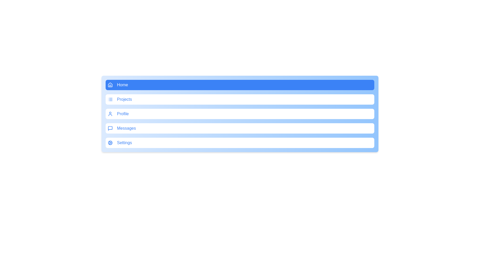 This screenshot has width=497, height=279. I want to click on the navigation item labeled Messages, so click(239, 128).